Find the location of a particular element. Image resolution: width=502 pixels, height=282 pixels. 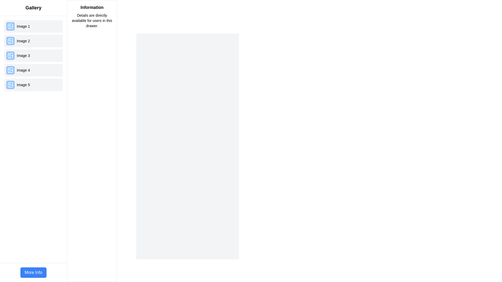

the text label that describes the fourth image item in the gallery, located below the third item in the left section of the interface is located at coordinates (23, 70).